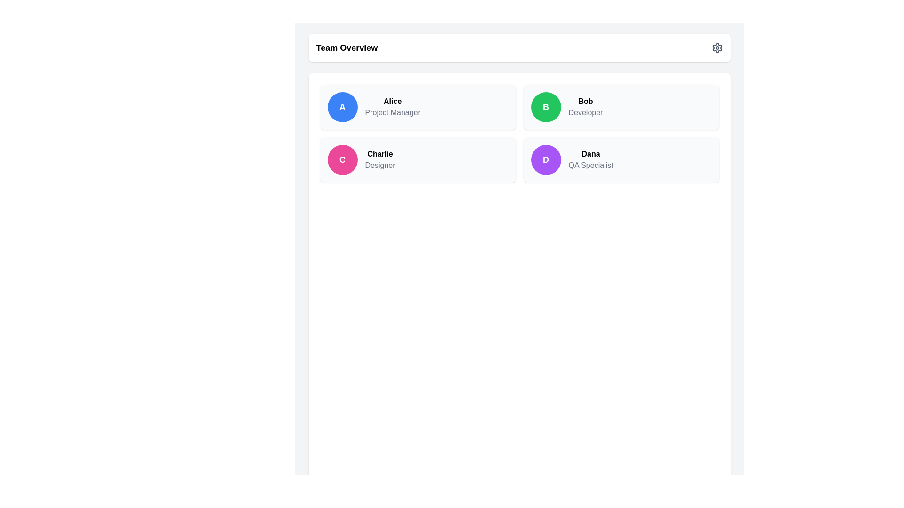 The width and height of the screenshot is (904, 508). Describe the element at coordinates (380, 165) in the screenshot. I see `the gray-colored text label that contains the text 'Designer', located below the bold text 'Charlie' within the pink circle card labeled 'C'` at that location.